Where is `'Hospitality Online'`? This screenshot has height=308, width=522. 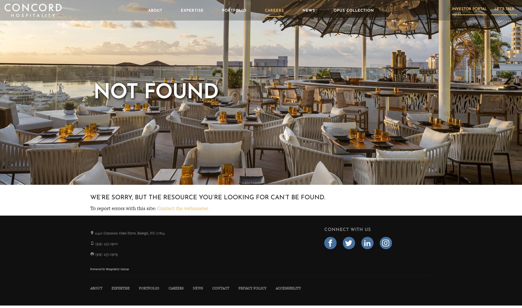 'Hospitality Online' is located at coordinates (117, 269).